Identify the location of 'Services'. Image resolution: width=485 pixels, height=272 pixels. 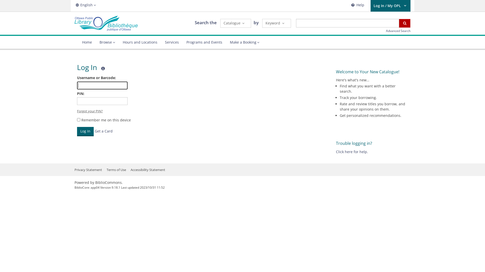
(172, 42).